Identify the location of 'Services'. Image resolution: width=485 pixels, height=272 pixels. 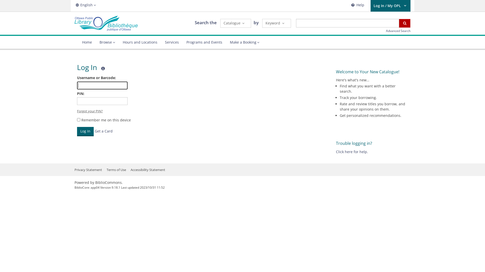
(172, 42).